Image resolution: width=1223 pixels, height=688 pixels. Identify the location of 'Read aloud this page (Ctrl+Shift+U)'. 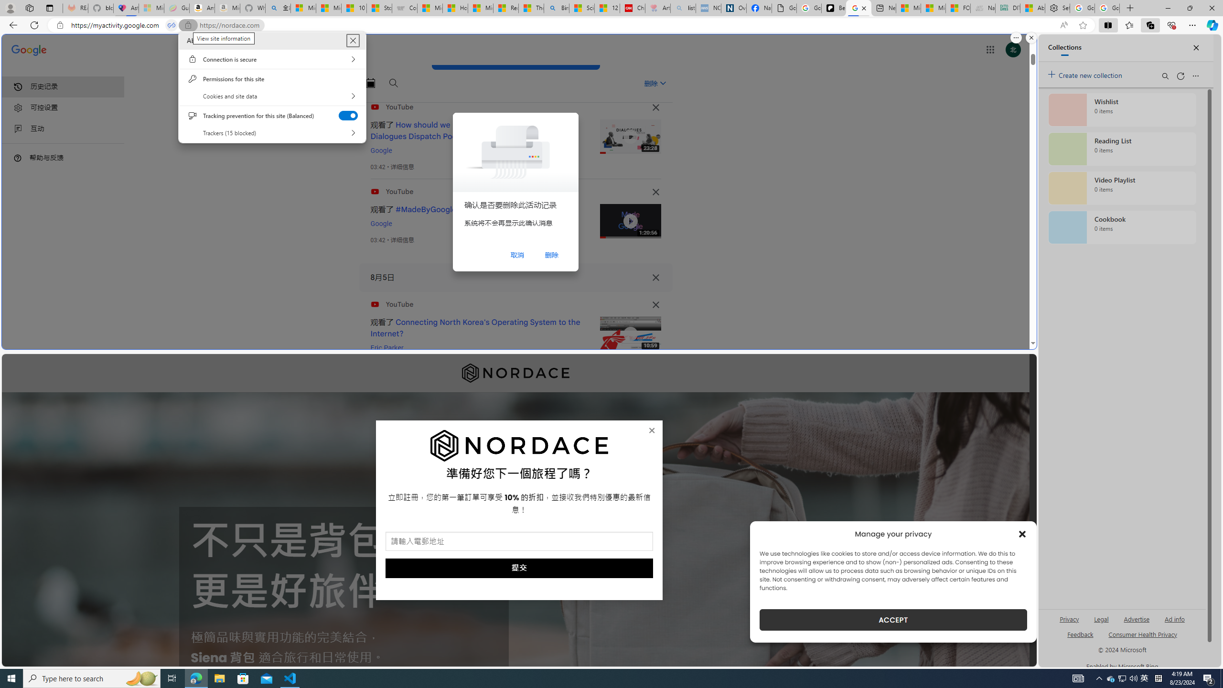
(1063, 25).